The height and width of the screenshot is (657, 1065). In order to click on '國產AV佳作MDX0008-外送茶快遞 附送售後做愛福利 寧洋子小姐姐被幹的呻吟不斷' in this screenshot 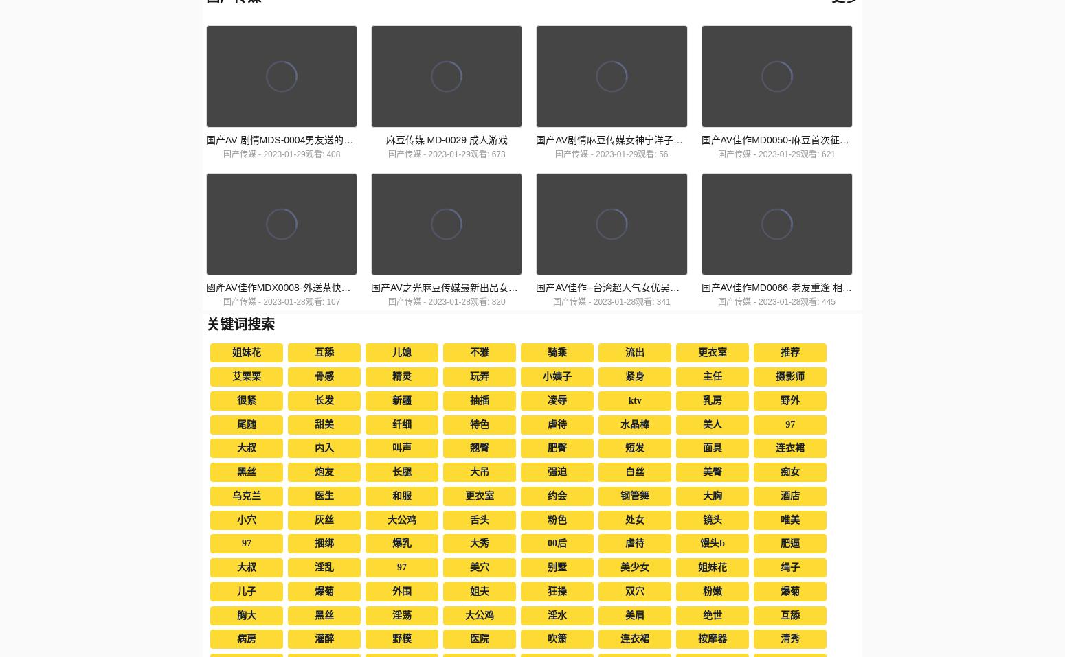, I will do `click(381, 286)`.